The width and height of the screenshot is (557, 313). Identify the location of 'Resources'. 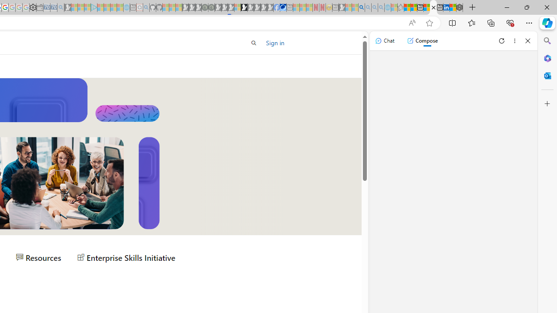
(38, 257).